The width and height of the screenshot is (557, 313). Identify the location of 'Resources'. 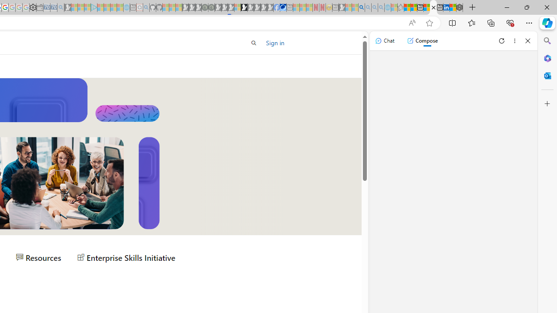
(38, 257).